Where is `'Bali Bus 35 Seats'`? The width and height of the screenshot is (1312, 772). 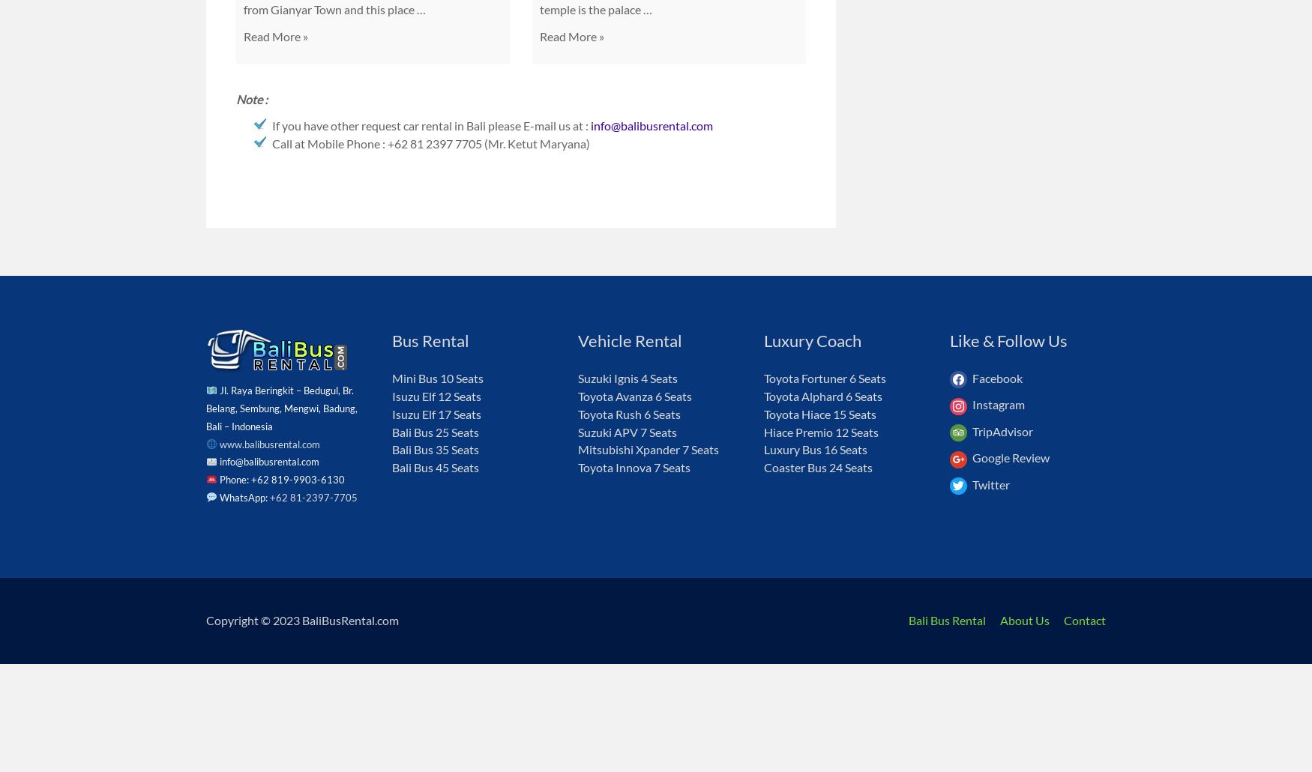
'Bali Bus 35 Seats' is located at coordinates (436, 449).